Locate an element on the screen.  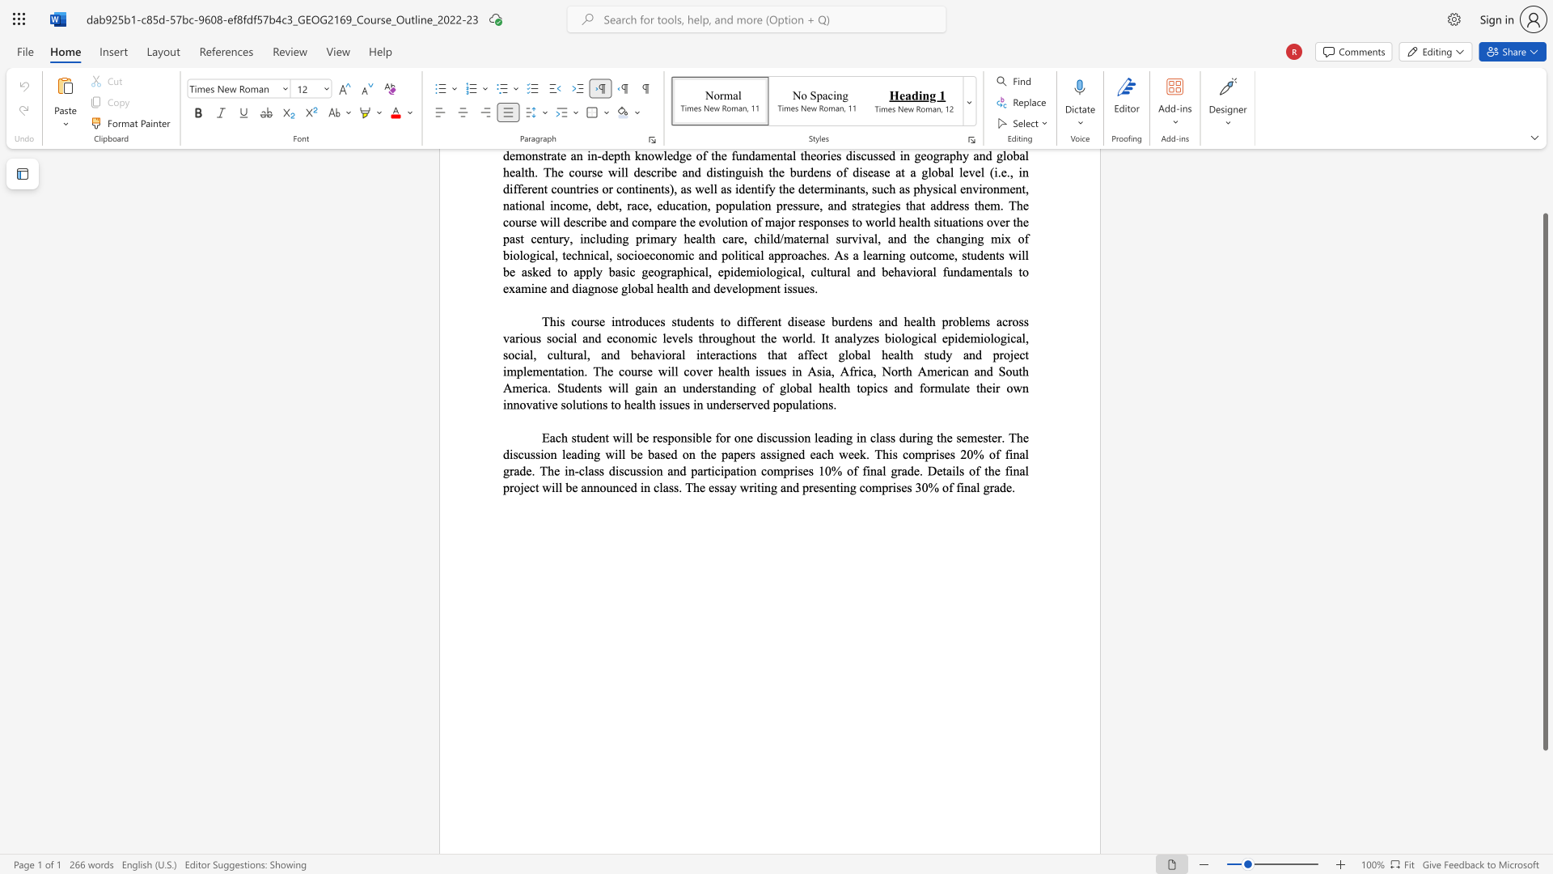
the scrollbar to move the page upward is located at coordinates (1544, 169).